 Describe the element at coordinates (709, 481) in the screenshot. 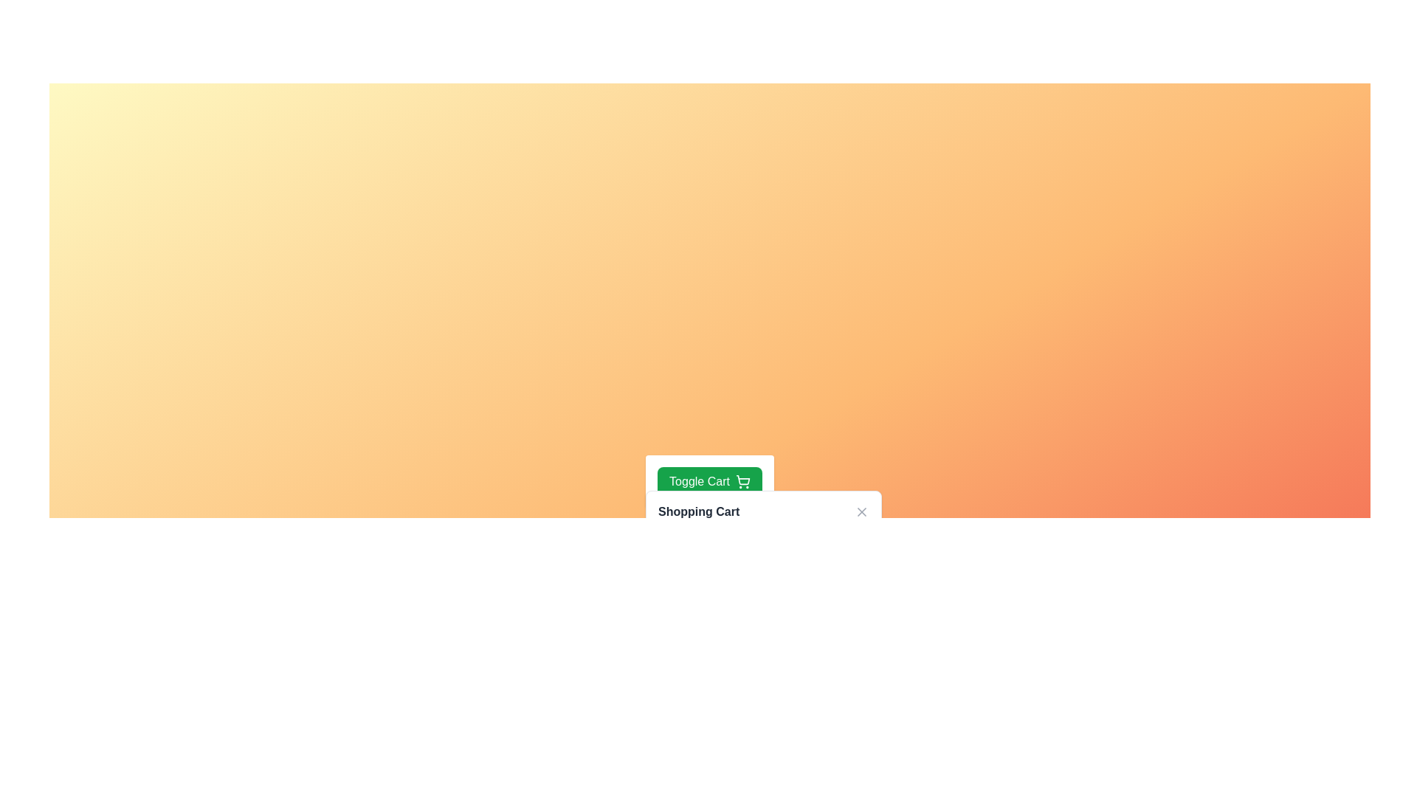

I see `the green 'Toggle Cart' button with rounded corners to observe visual feedback` at that location.